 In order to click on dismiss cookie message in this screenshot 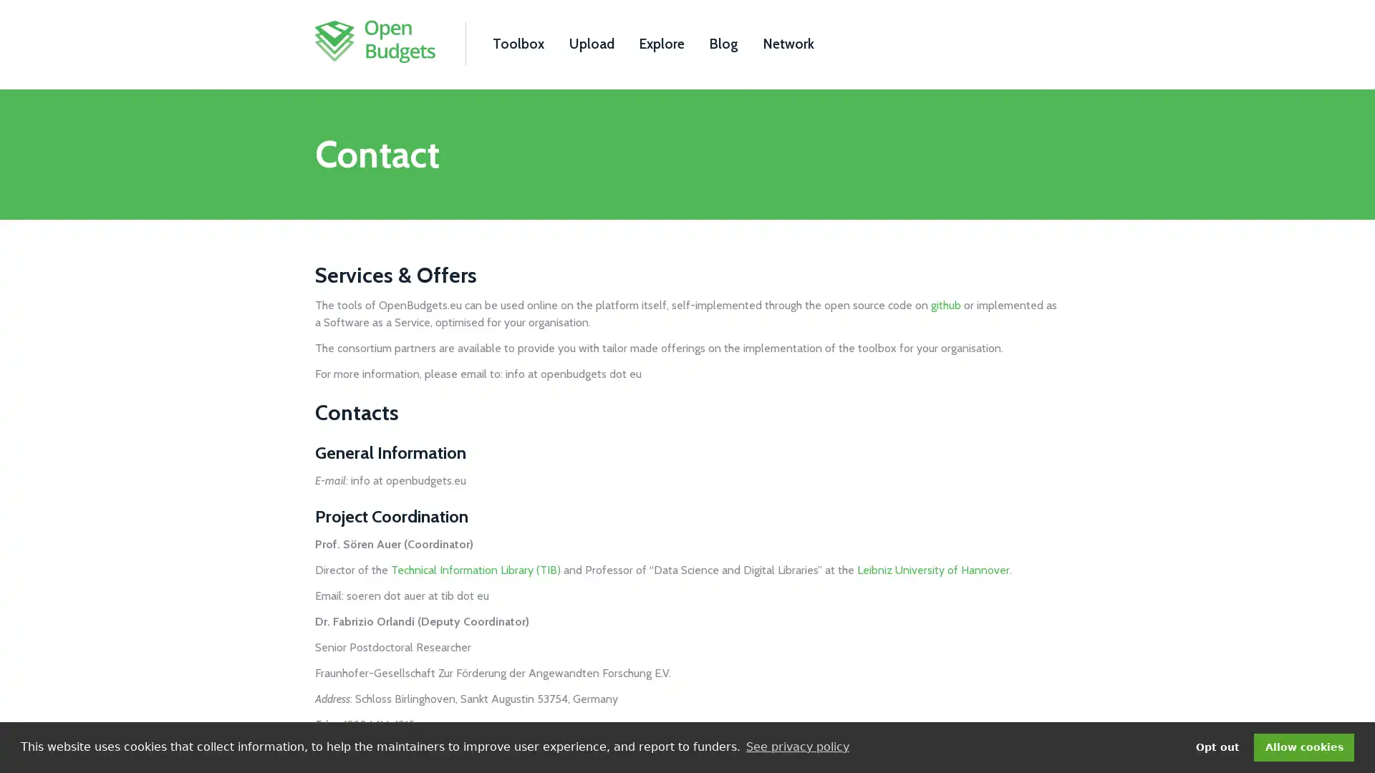, I will do `click(1303, 747)`.